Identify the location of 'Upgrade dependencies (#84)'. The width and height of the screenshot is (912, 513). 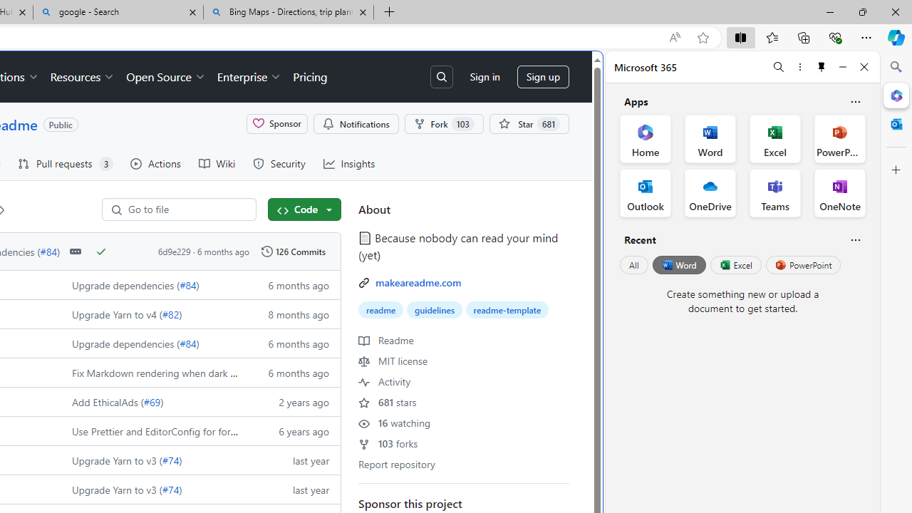
(152, 343).